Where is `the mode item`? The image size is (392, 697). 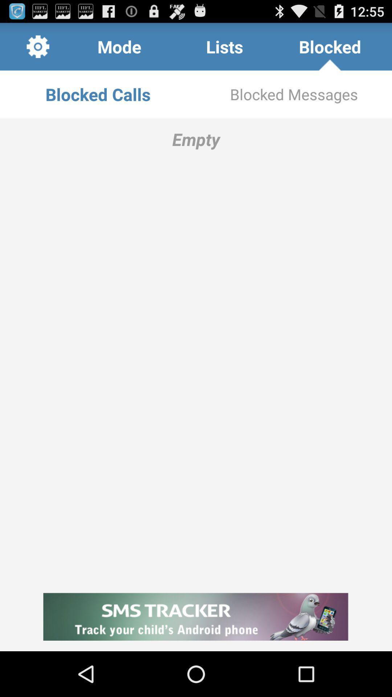
the mode item is located at coordinates (119, 46).